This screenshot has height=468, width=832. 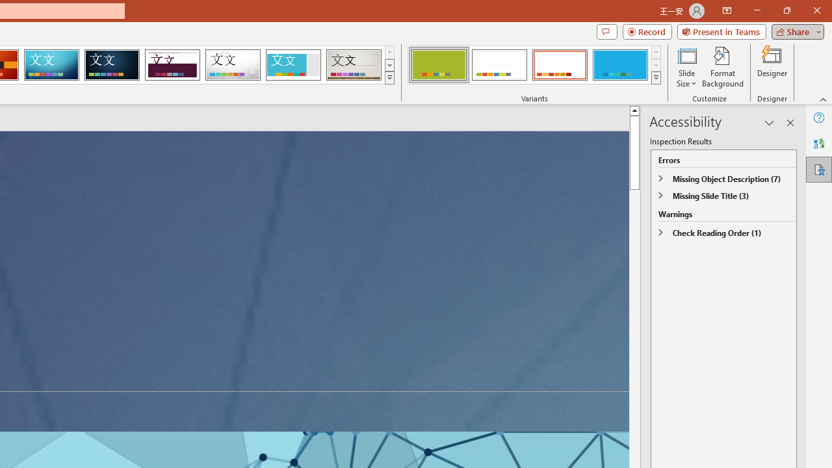 What do you see at coordinates (619, 65) in the screenshot?
I see `'Basis Variant 4'` at bounding box center [619, 65].